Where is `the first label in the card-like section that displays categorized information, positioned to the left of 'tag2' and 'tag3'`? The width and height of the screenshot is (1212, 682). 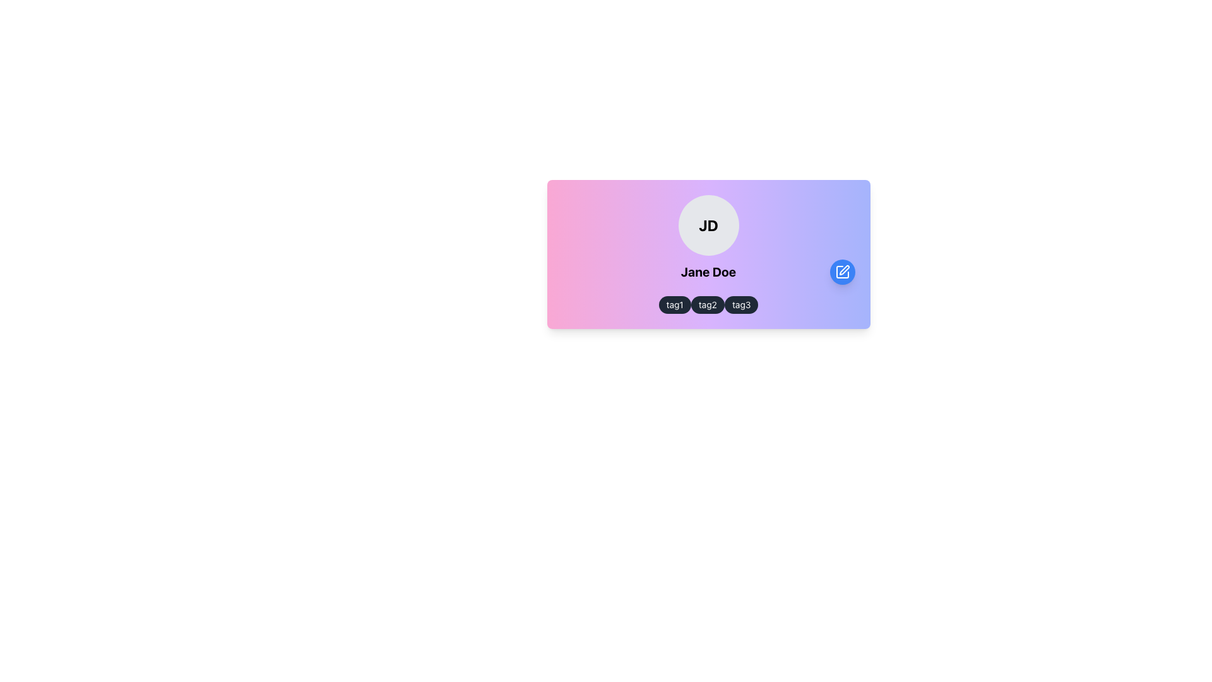
the first label in the card-like section that displays categorized information, positioned to the left of 'tag2' and 'tag3' is located at coordinates (674, 304).